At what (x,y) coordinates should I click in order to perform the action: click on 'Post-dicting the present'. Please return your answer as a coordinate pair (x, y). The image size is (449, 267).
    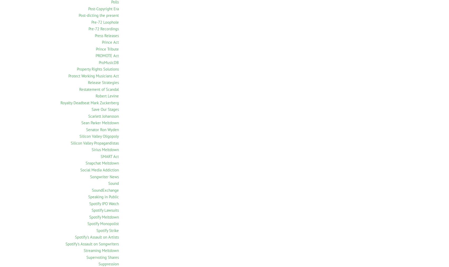
    Looking at the image, I should click on (99, 15).